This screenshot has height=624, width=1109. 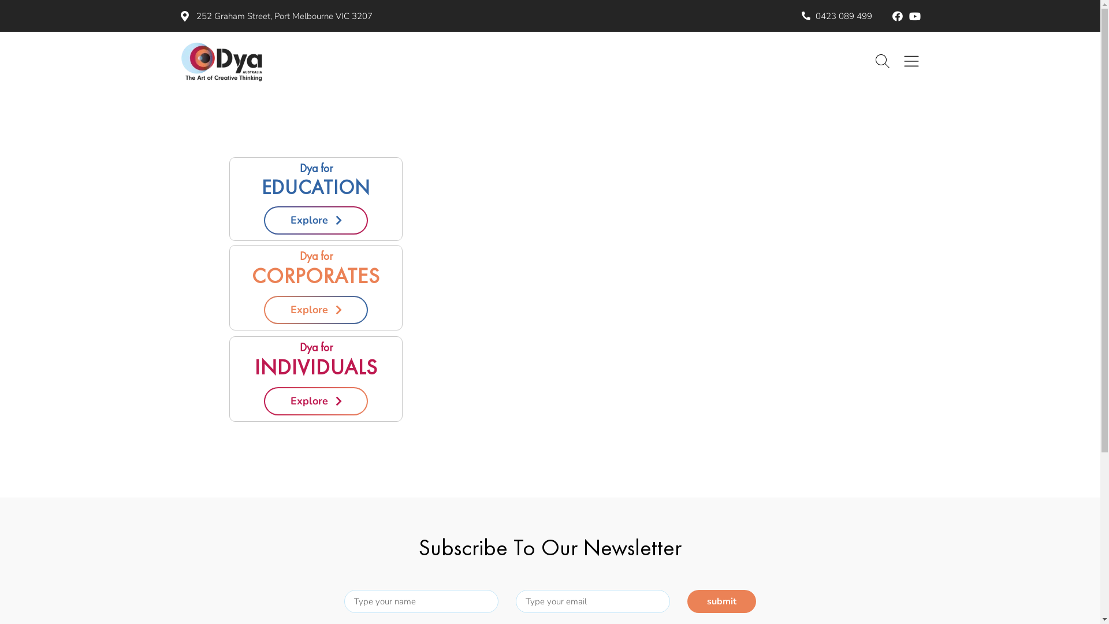 What do you see at coordinates (837, 16) in the screenshot?
I see `'0423 089 499'` at bounding box center [837, 16].